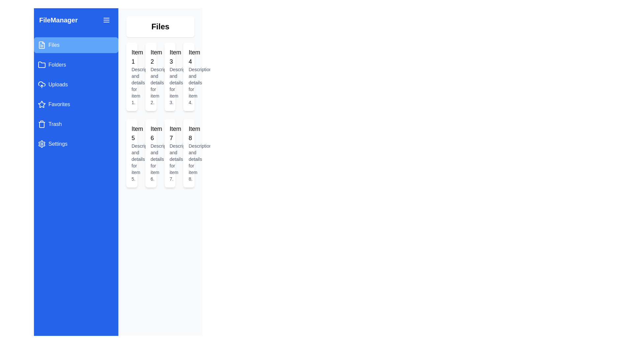 This screenshot has width=633, height=356. I want to click on the 'Favorites' text label in the navigation menu, so click(59, 104).